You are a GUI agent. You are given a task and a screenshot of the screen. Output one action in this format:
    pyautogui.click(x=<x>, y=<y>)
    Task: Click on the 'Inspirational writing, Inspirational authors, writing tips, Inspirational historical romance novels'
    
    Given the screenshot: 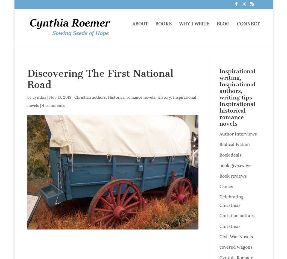 What is the action you would take?
    pyautogui.click(x=237, y=97)
    